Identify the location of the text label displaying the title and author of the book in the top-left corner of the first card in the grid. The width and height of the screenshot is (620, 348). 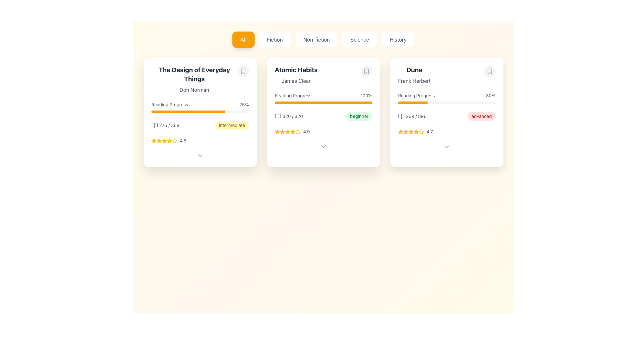
(200, 79).